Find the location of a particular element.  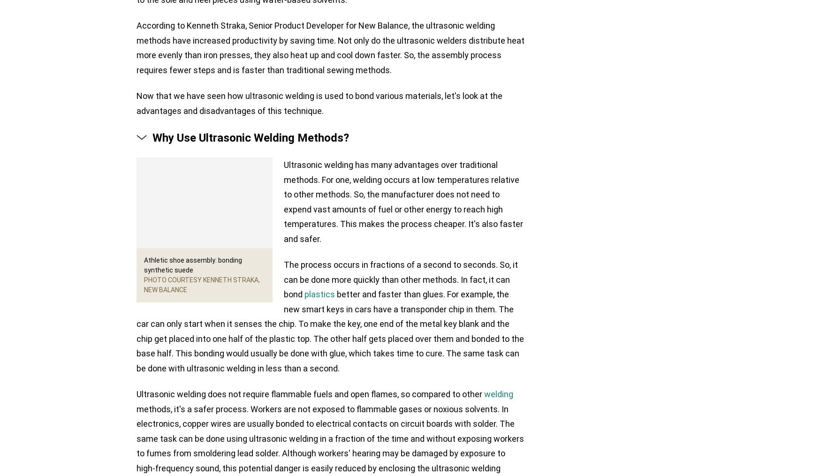

'The process occurs in fractions of a second to seconds. So, it can be done more quickly than other methods. In fact, it can bond' is located at coordinates (401, 279).